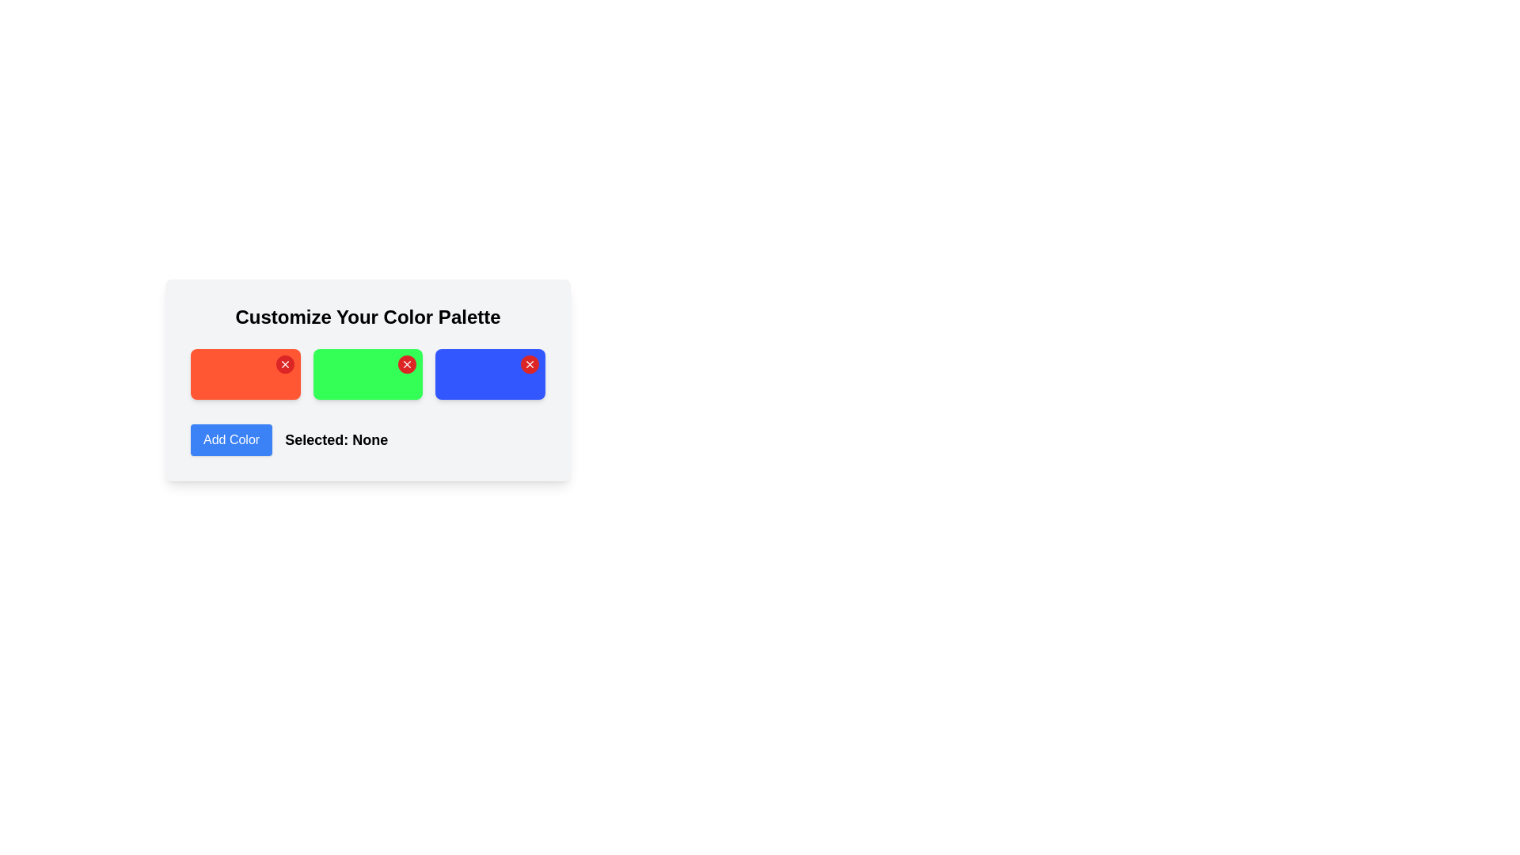  Describe the element at coordinates (285, 364) in the screenshot. I see `the close/delete button located in the top-right corner of the first rectangular block` at that location.